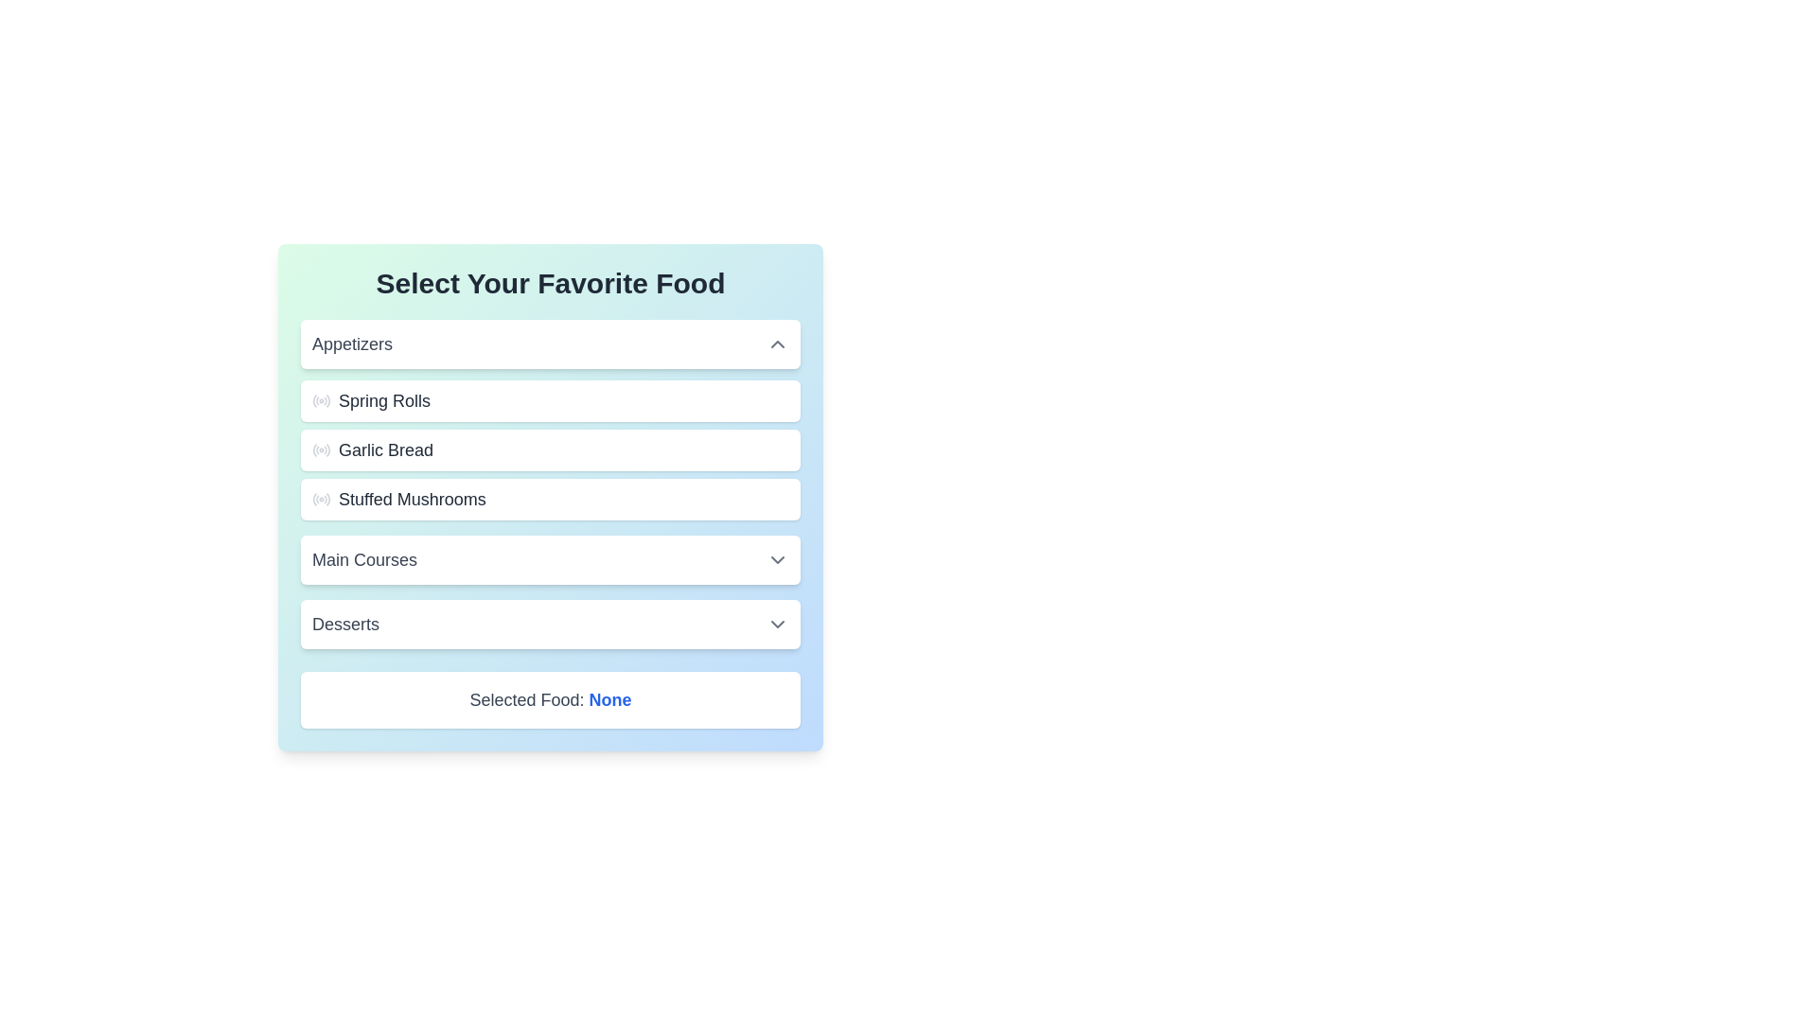 The height and width of the screenshot is (1022, 1817). I want to click on the static text that displays the currently selected food item, which is dynamically updated when a different option is selected from the menu above, so click(610, 700).